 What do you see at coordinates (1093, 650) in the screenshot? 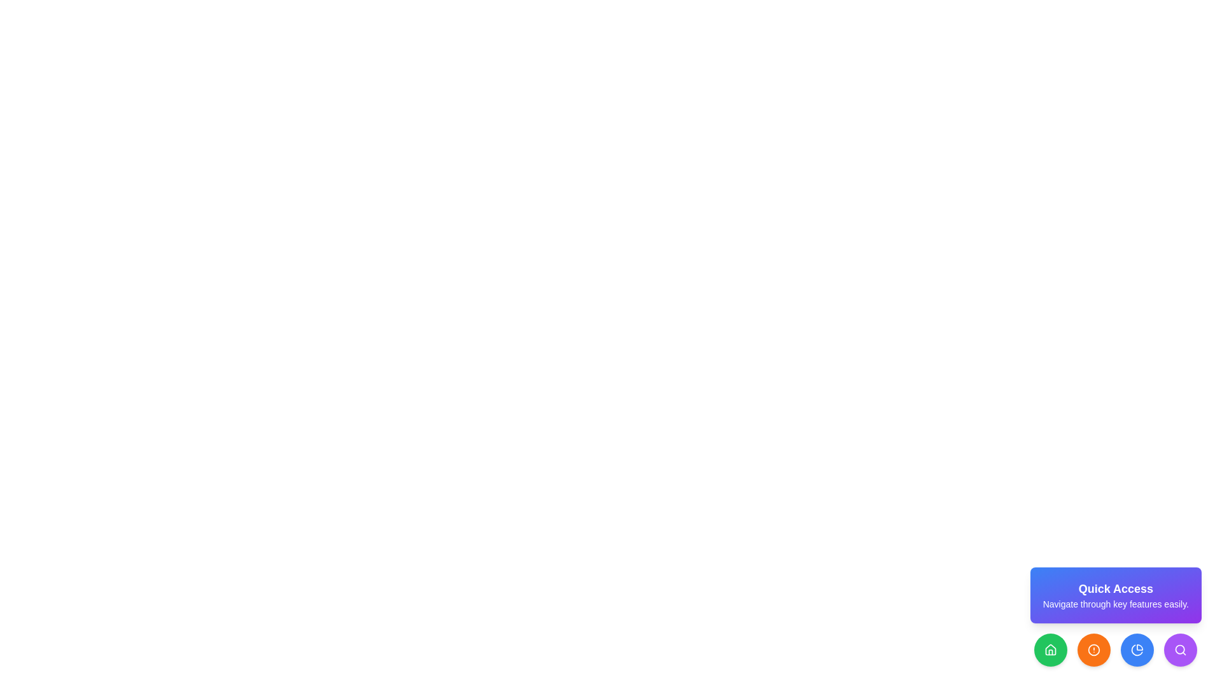
I see `the orange circular icon, which is the second icon from the left in a set of four icons located at the bottom-right corner of the interface` at bounding box center [1093, 650].